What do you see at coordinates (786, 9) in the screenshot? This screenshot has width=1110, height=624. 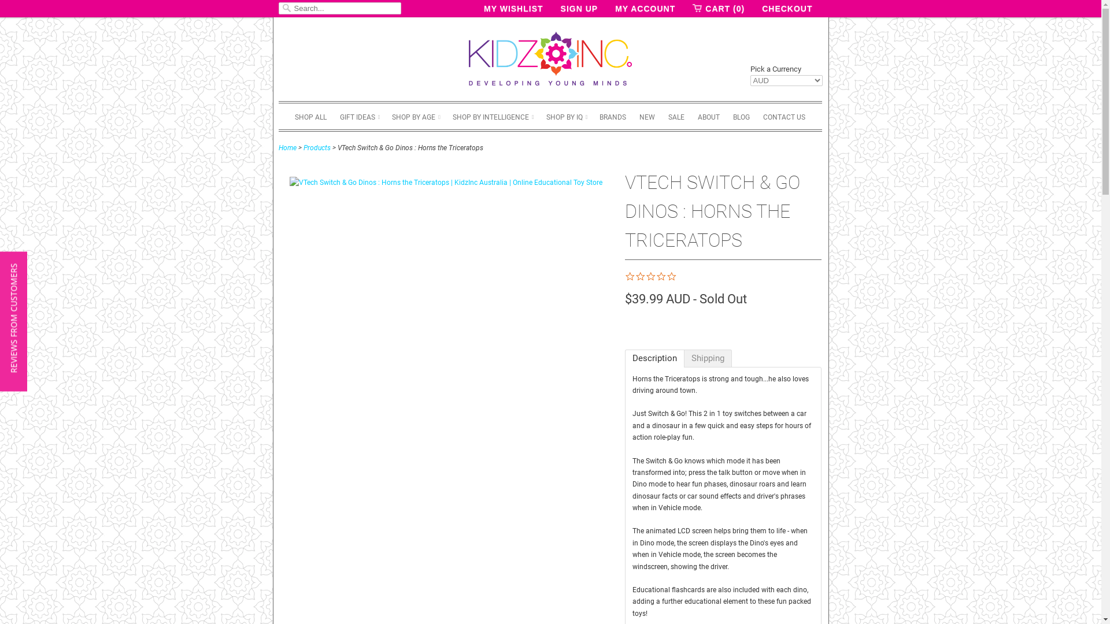 I see `'CHECKOUT'` at bounding box center [786, 9].